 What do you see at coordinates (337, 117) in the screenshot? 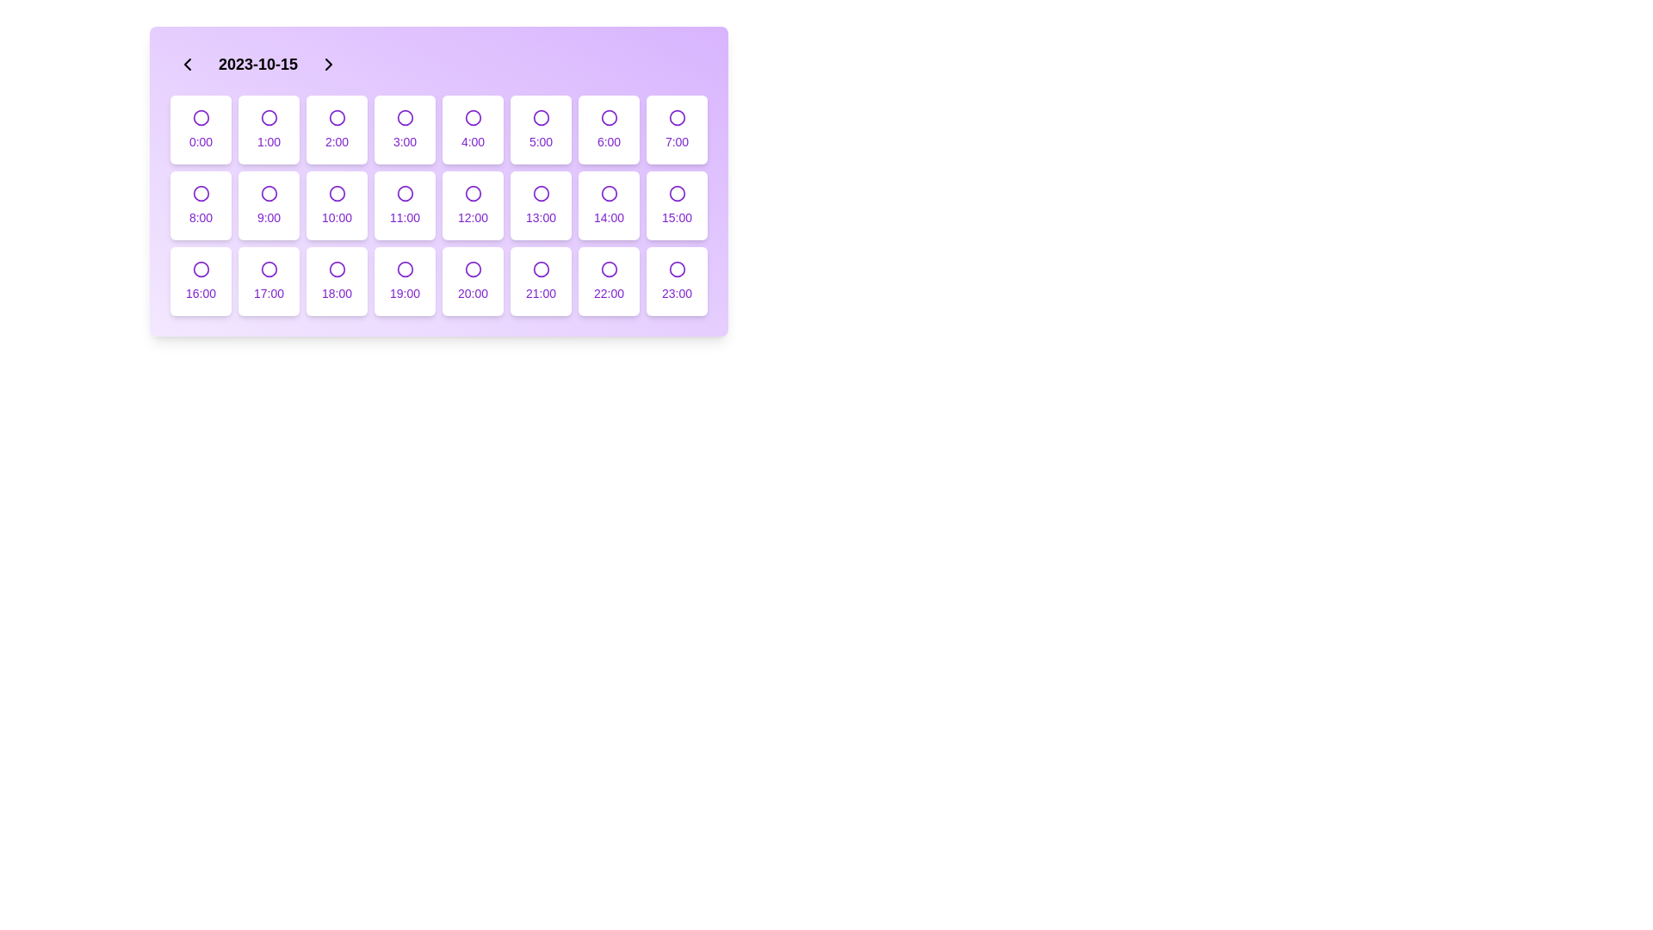
I see `the circular selectable icon with a purple outline located in the second column of the first row, aligned with the text '2:00' beneath it` at bounding box center [337, 117].